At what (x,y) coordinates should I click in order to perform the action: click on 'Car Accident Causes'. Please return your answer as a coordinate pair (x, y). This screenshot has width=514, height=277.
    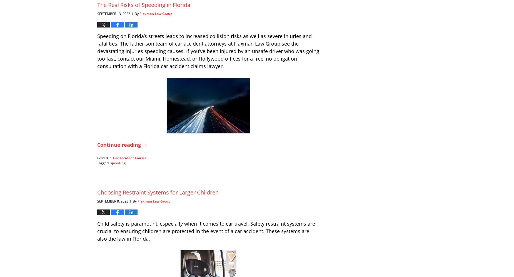
    Looking at the image, I should click on (129, 158).